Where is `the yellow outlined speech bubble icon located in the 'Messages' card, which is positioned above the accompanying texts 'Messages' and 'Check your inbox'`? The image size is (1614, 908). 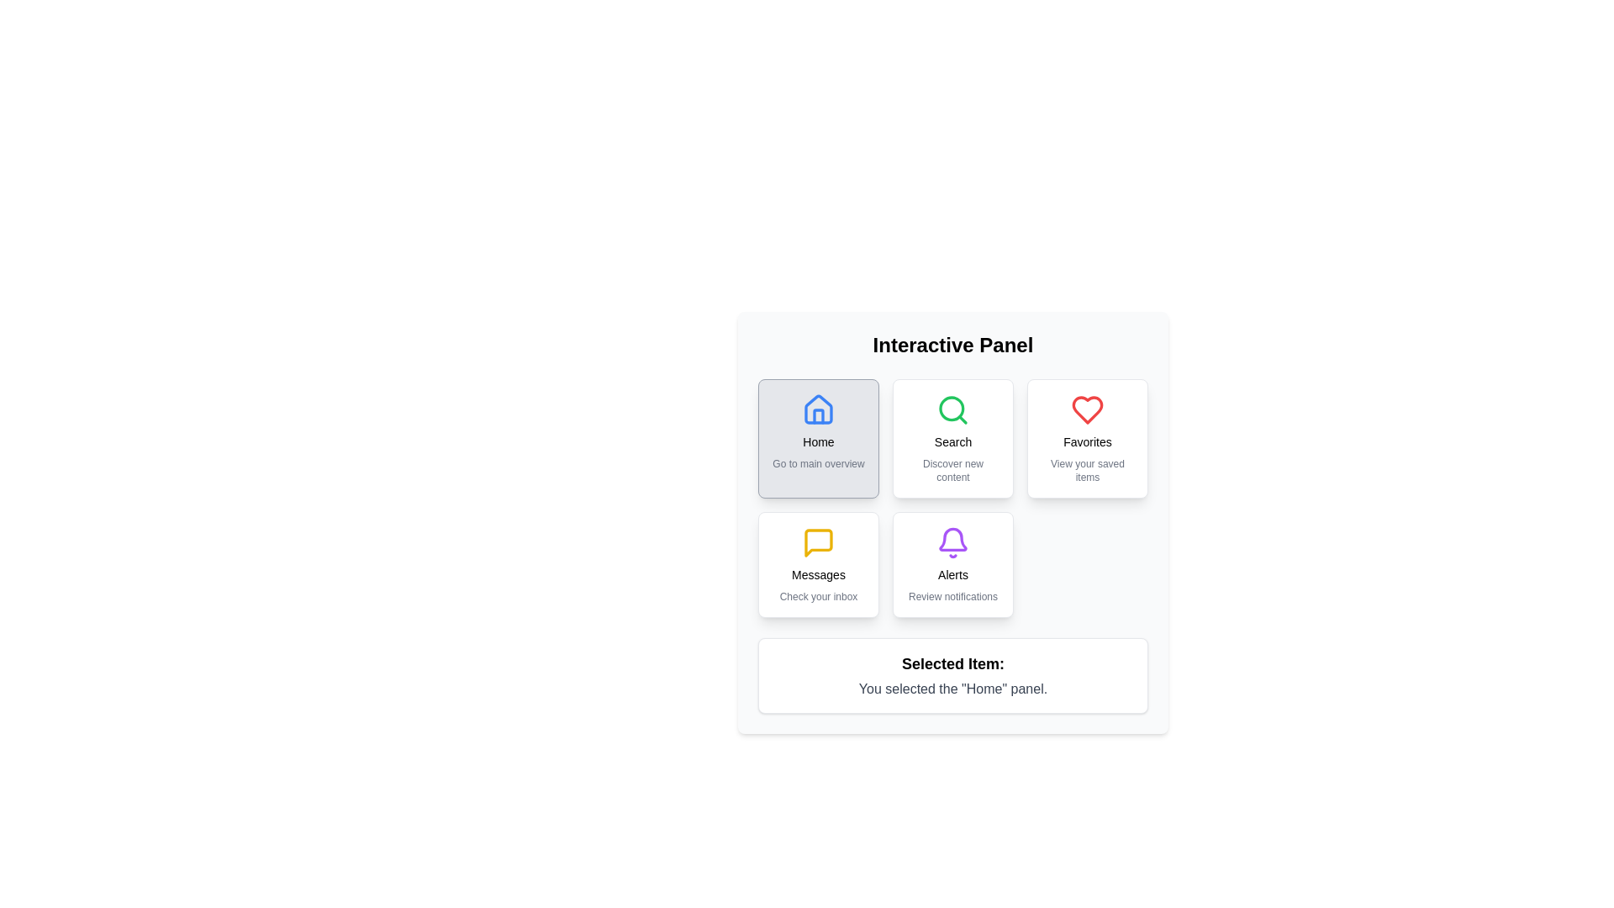
the yellow outlined speech bubble icon located in the 'Messages' card, which is positioned above the accompanying texts 'Messages' and 'Check your inbox' is located at coordinates (819, 542).